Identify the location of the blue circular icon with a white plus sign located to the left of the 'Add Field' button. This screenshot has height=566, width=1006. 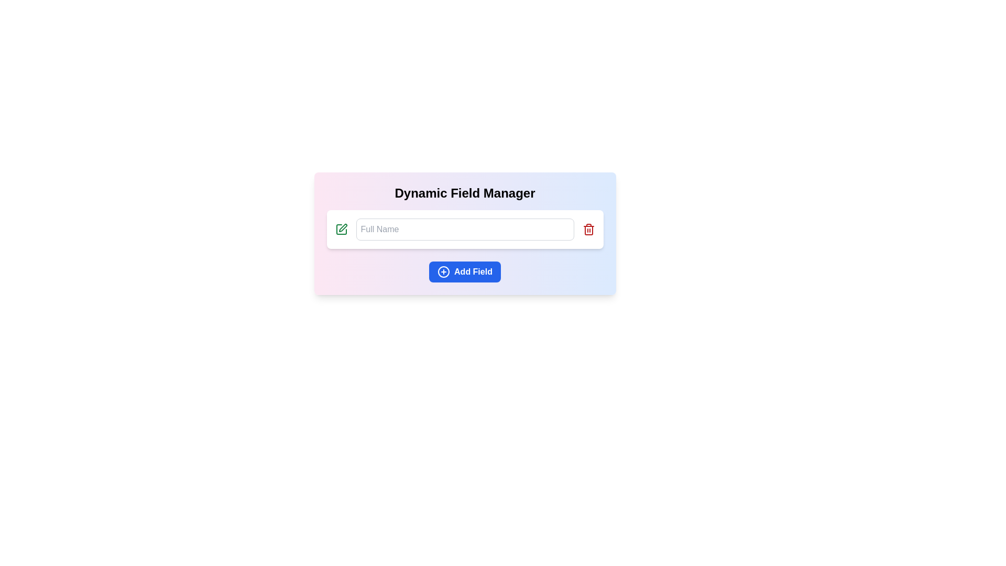
(444, 271).